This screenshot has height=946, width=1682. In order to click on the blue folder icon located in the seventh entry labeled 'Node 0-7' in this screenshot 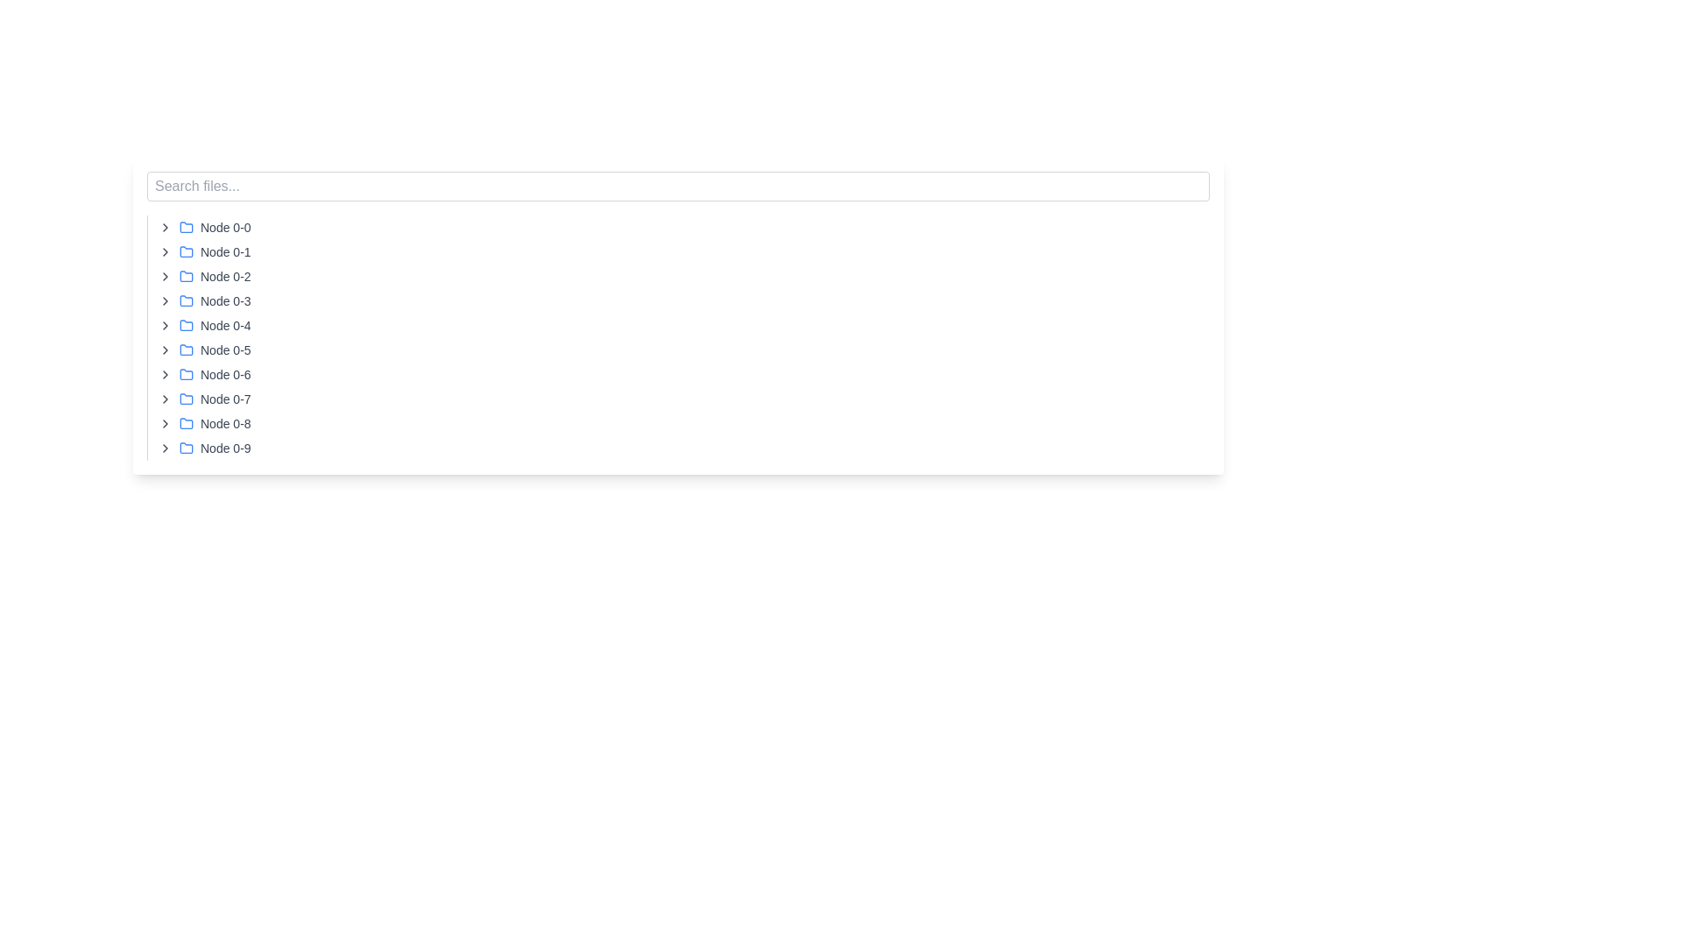, I will do `click(186, 399)`.